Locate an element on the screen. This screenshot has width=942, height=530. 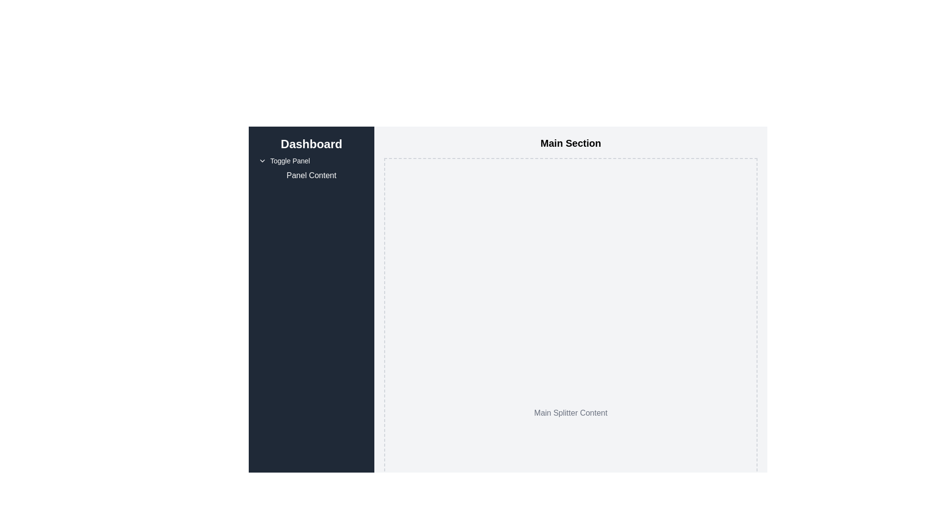
the chevron icon located to the left of the 'Toggle Panel' text in the sidebar section labeled 'Dashboard' to indicate the option to expand or collapse the related panel is located at coordinates (262, 160).